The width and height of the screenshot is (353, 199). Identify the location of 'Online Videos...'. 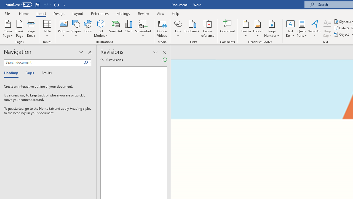
(162, 28).